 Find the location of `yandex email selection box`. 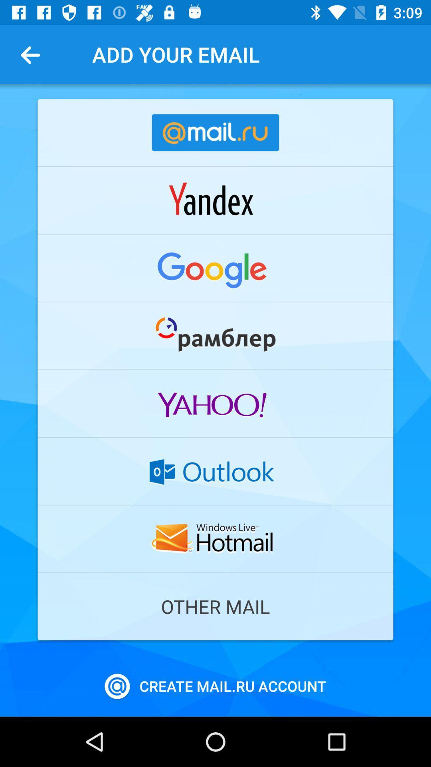

yandex email selection box is located at coordinates (215, 200).